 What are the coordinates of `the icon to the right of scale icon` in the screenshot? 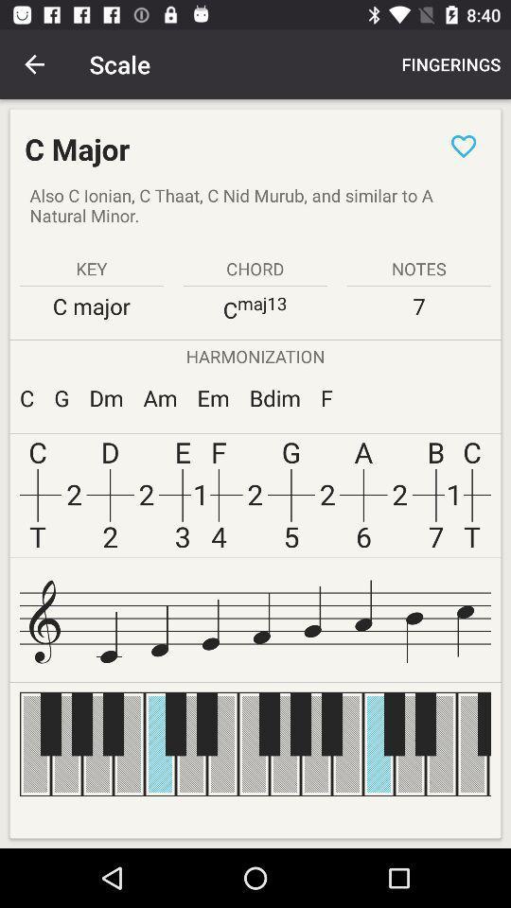 It's located at (449, 64).